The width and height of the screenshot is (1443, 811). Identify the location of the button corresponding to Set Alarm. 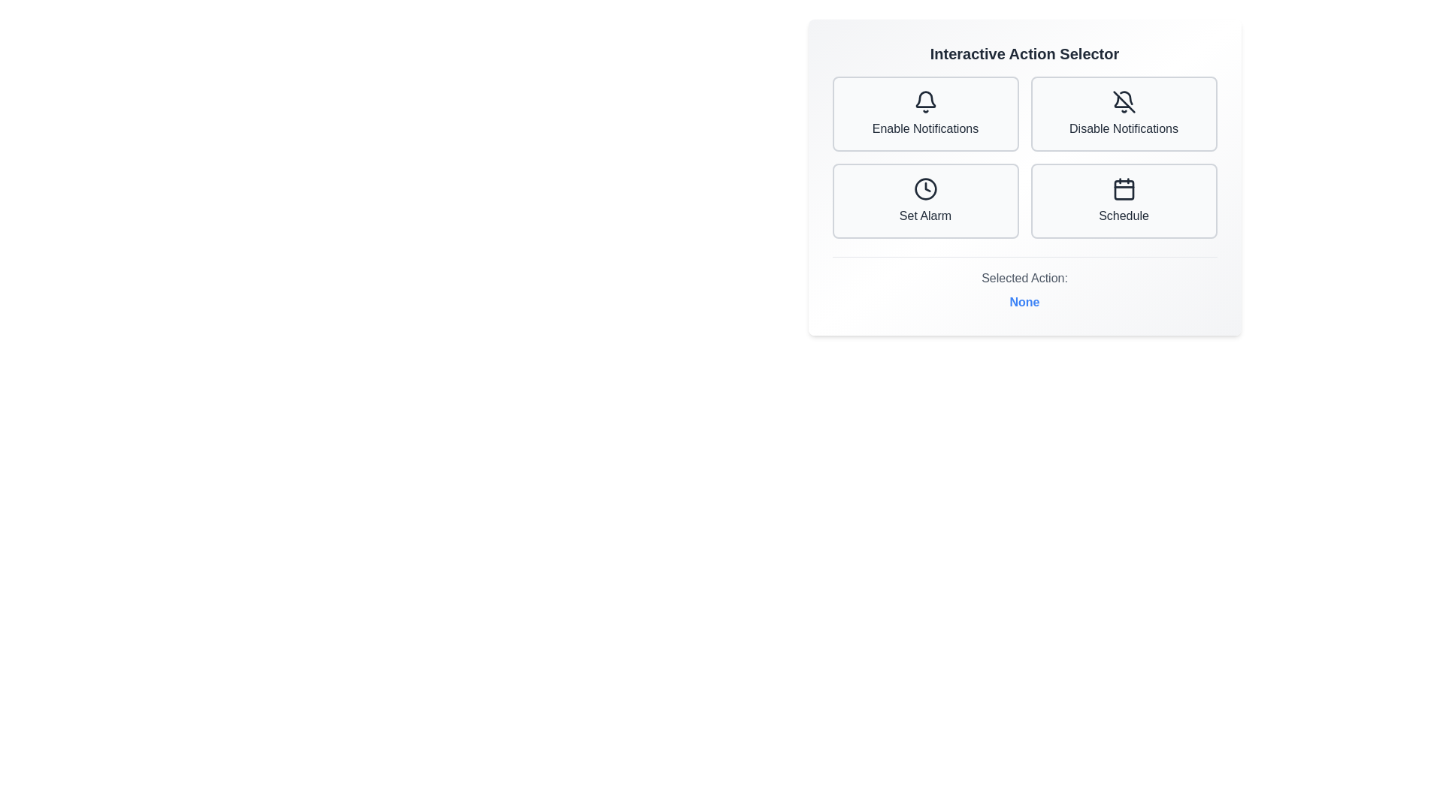
(924, 200).